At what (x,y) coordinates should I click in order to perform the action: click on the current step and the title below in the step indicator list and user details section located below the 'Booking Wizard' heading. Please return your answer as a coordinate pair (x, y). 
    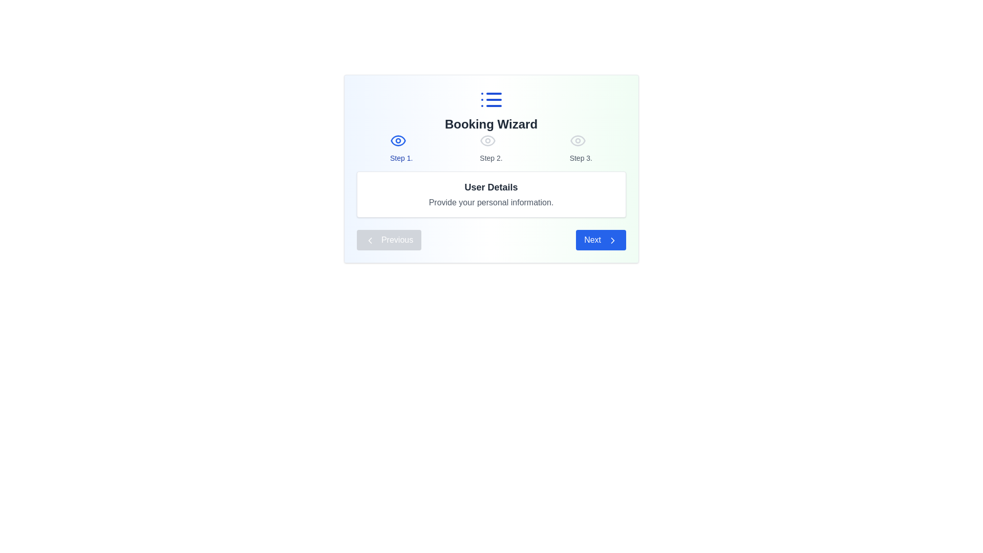
    Looking at the image, I should click on (490, 175).